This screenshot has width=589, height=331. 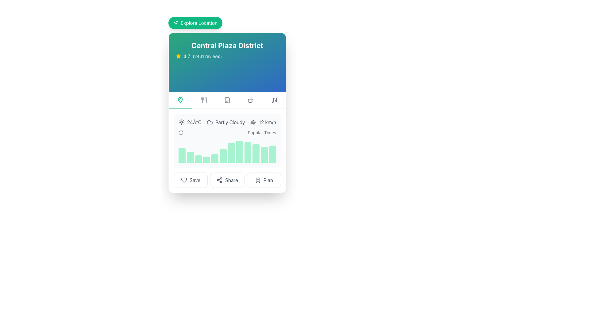 I want to click on the leftmost pin-shaped icon representing a location marker, which is located in a horizontal row of icons below the title of a location card, so click(x=180, y=99).